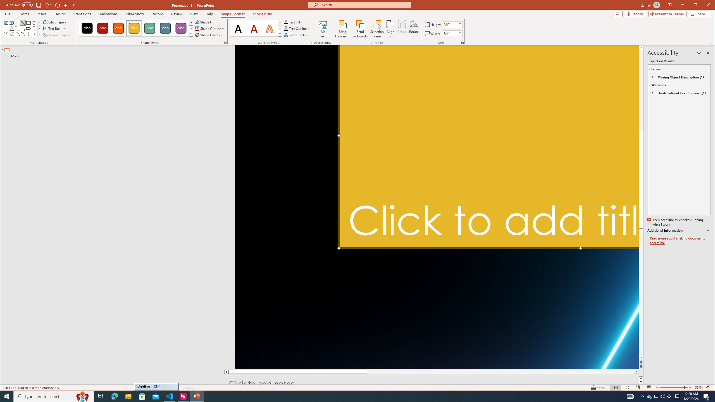  What do you see at coordinates (209, 28) in the screenshot?
I see `'Shape Outline'` at bounding box center [209, 28].